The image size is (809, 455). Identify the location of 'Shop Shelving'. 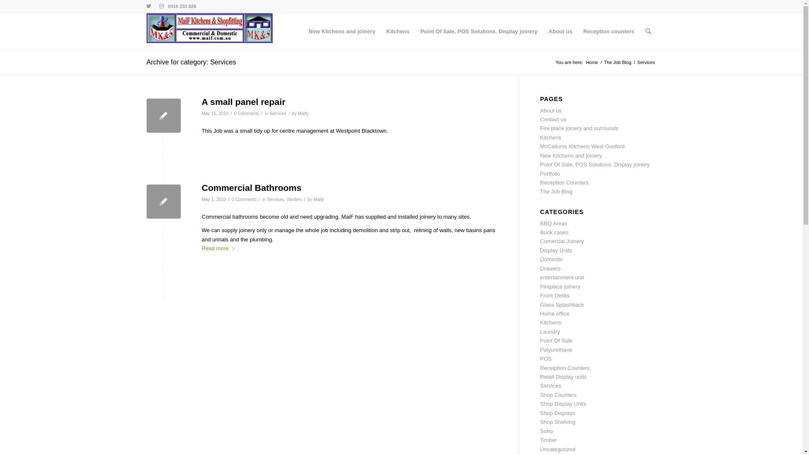
(558, 422).